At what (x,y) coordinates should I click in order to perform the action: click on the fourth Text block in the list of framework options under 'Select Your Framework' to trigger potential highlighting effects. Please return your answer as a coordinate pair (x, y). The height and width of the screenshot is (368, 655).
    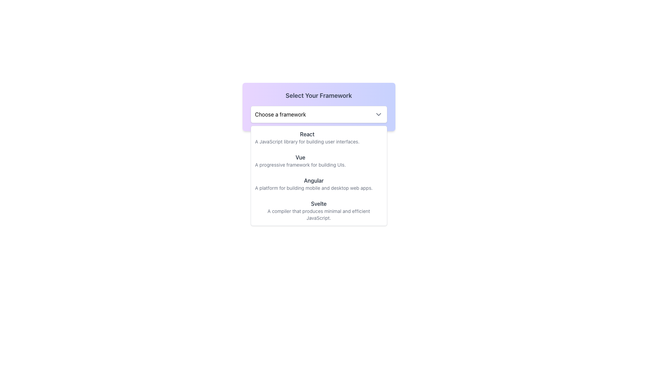
    Looking at the image, I should click on (318, 210).